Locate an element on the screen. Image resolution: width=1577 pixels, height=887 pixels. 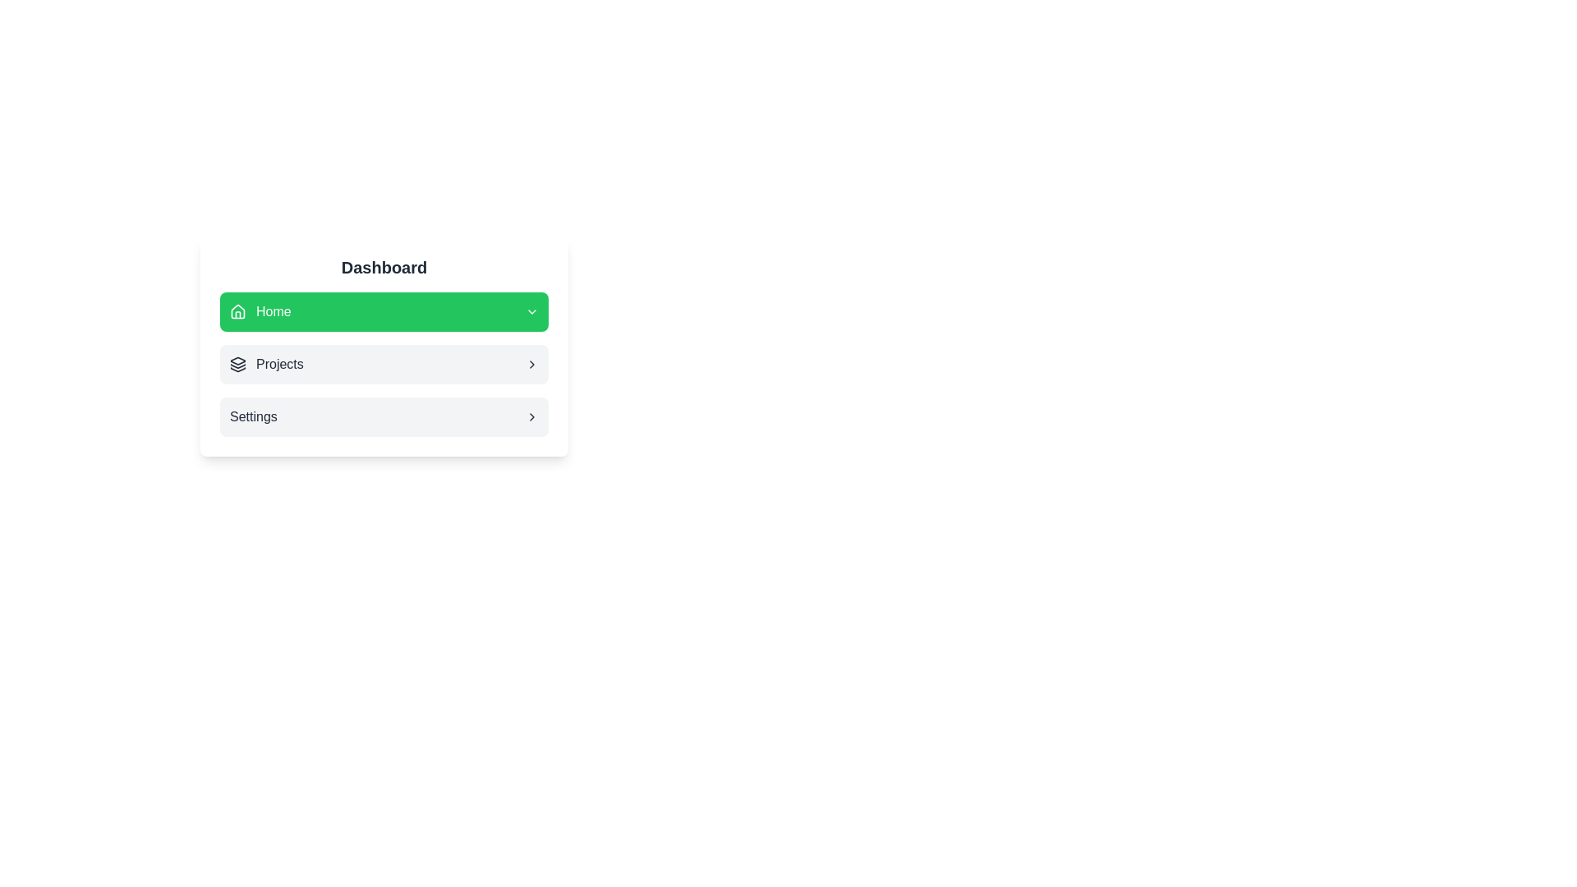
the triangular portion of the multi-layer icon representing the lowermost layer in the stack is located at coordinates (237, 370).